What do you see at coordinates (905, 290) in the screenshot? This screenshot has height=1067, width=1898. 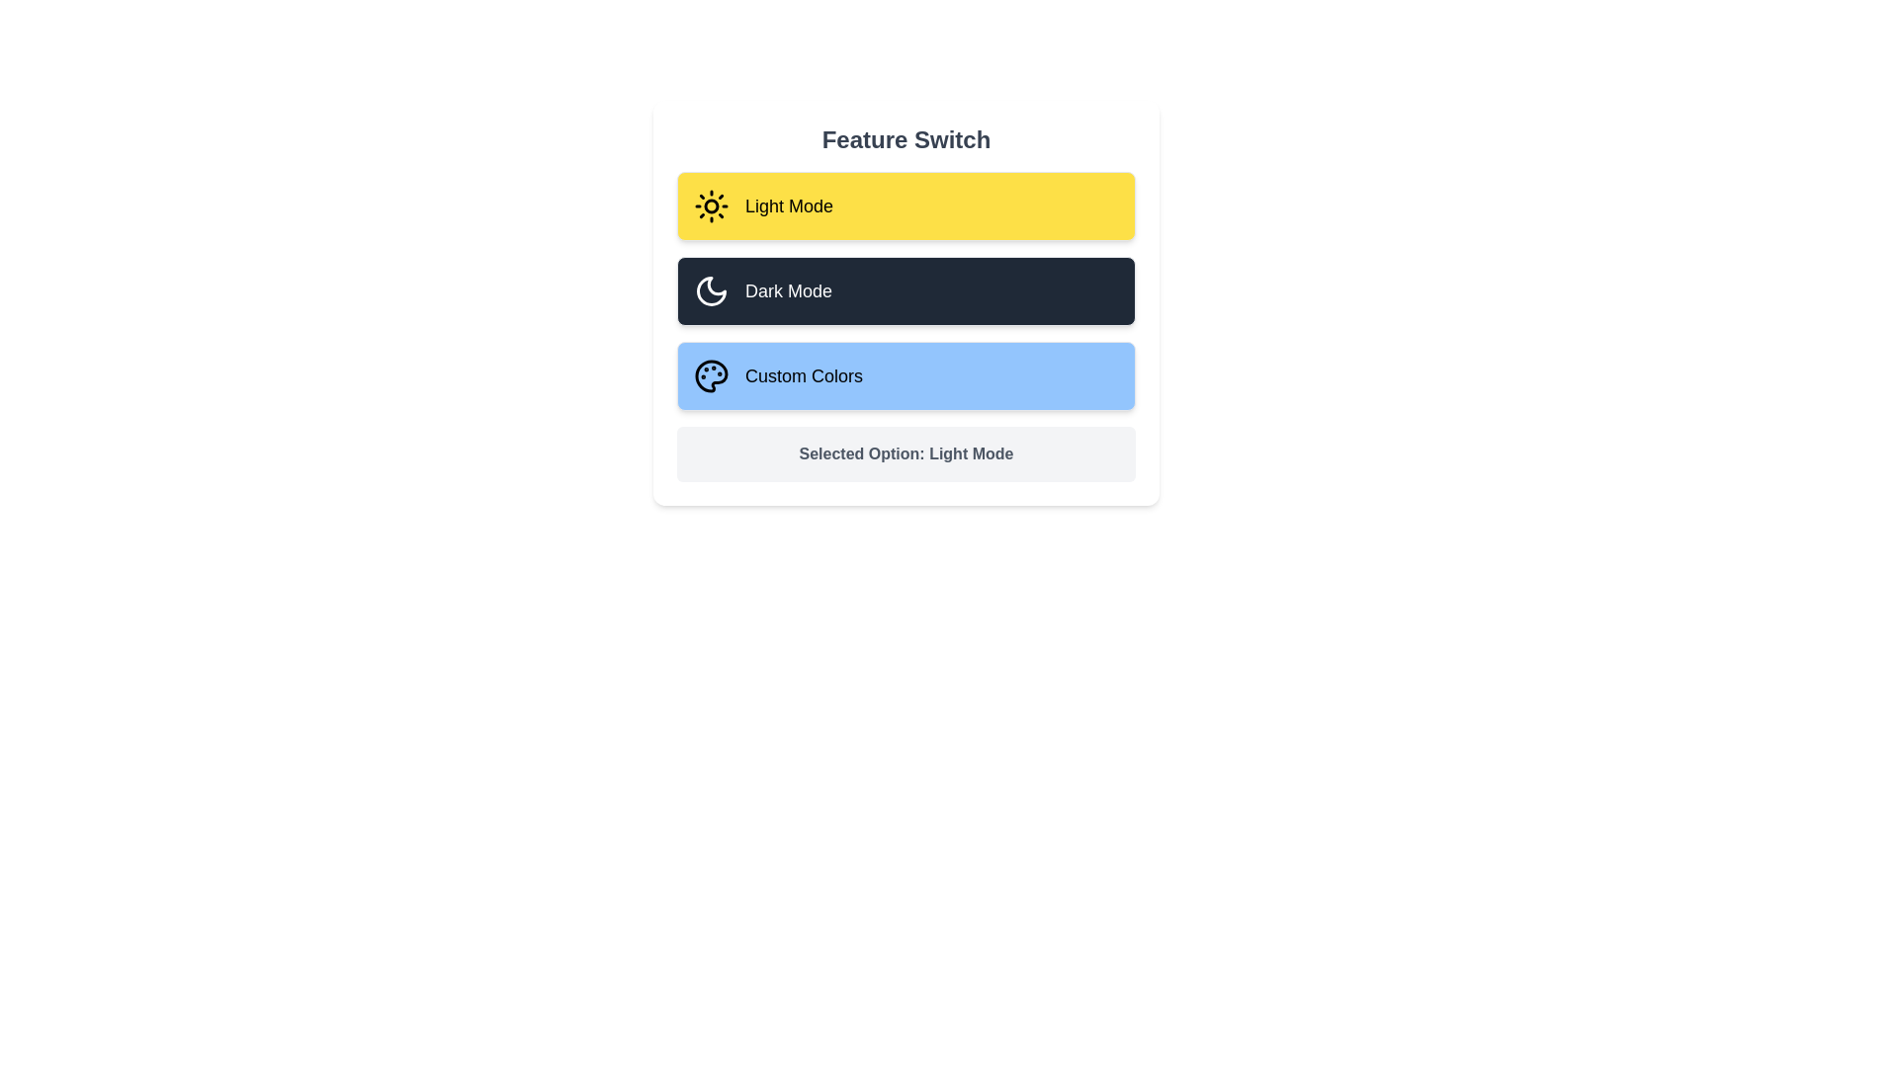 I see `the button corresponding to Dark Mode` at bounding box center [905, 290].